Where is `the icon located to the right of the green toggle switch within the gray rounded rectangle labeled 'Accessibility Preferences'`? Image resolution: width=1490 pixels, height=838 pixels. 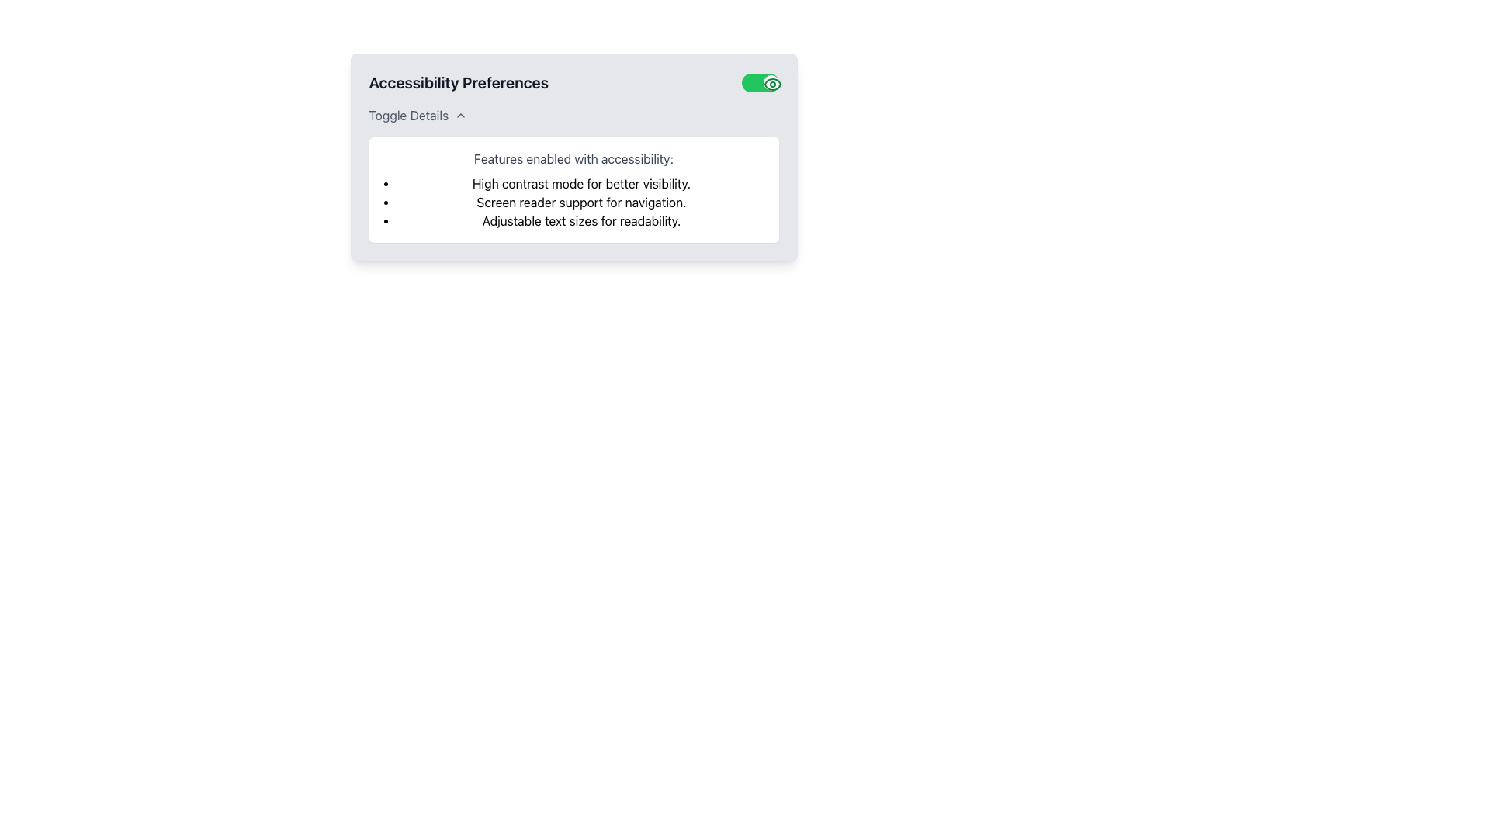 the icon located to the right of the green toggle switch within the gray rounded rectangle labeled 'Accessibility Preferences' is located at coordinates (772, 84).